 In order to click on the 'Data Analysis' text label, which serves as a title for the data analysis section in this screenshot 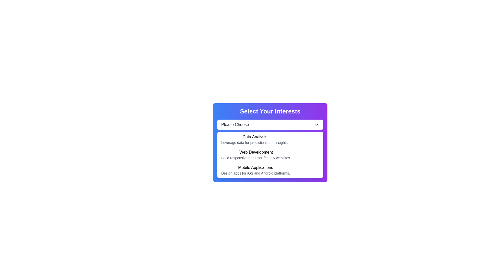, I will do `click(255, 137)`.